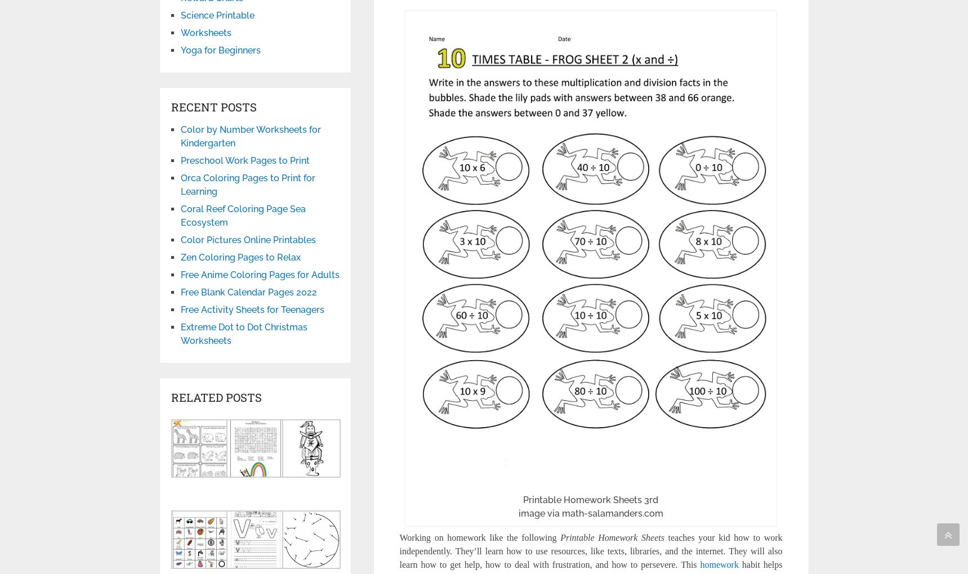 This screenshot has width=968, height=574. I want to click on 'Free Anime Coloring Pages for Adults', so click(180, 275).